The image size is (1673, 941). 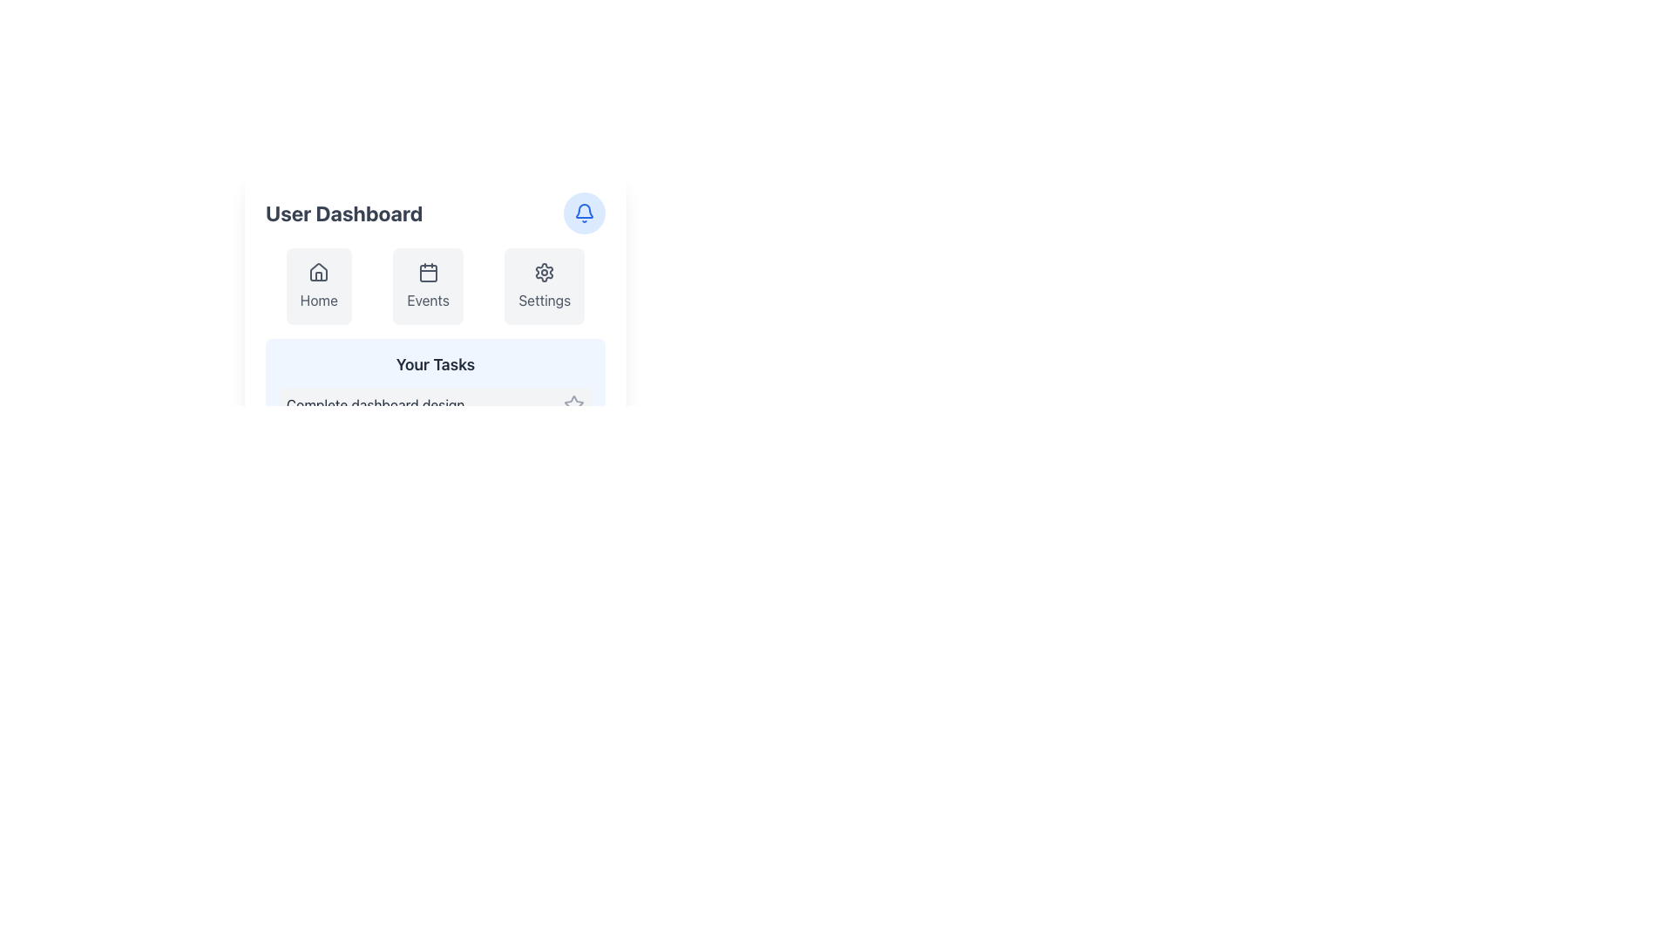 I want to click on the 'Home' icon in the navigation area of the user dashboard, which redirects users to the main page, so click(x=319, y=272).